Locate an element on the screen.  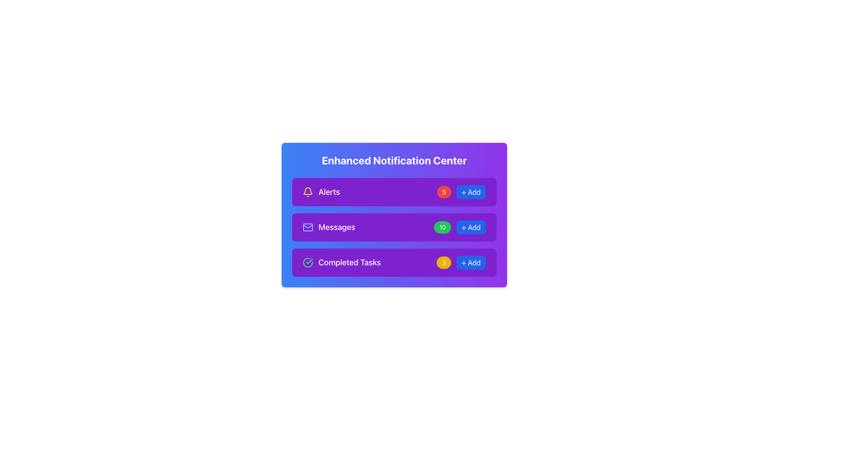
the '+ Add' button with a blue background and white text is located at coordinates (471, 227).